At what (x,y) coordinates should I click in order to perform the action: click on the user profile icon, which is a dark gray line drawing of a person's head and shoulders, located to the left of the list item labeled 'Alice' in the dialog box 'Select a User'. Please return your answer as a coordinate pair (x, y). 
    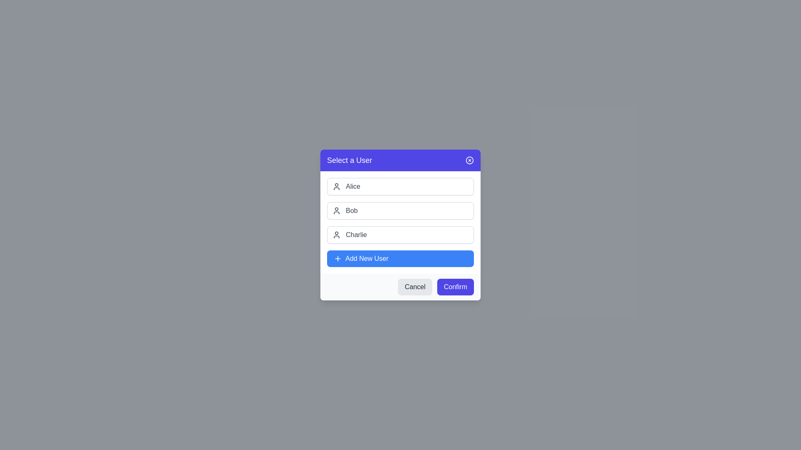
    Looking at the image, I should click on (336, 186).